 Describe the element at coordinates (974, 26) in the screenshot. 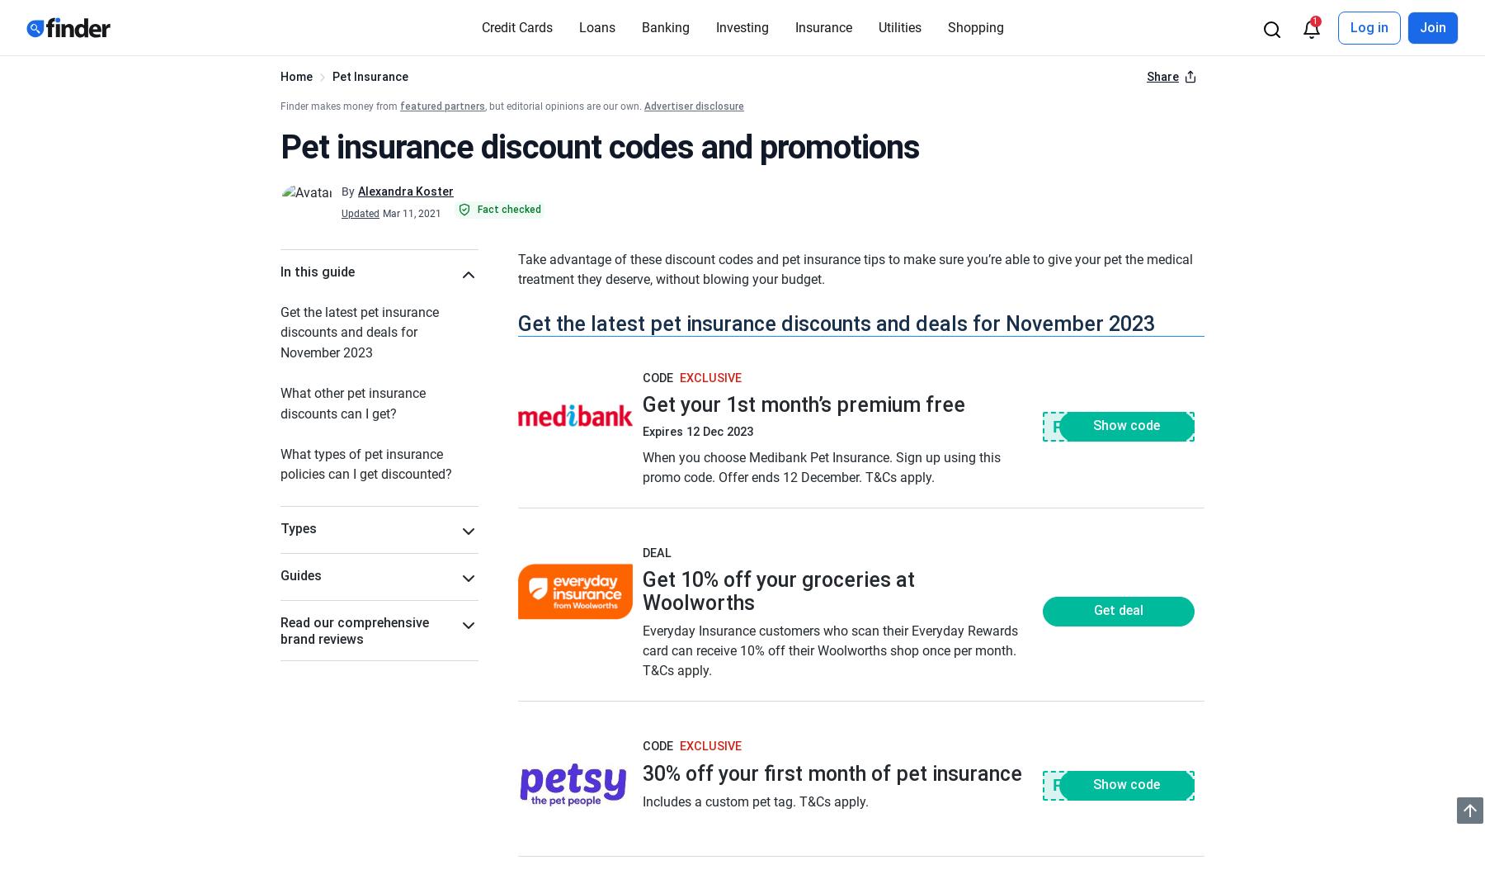

I see `'Shopping'` at that location.